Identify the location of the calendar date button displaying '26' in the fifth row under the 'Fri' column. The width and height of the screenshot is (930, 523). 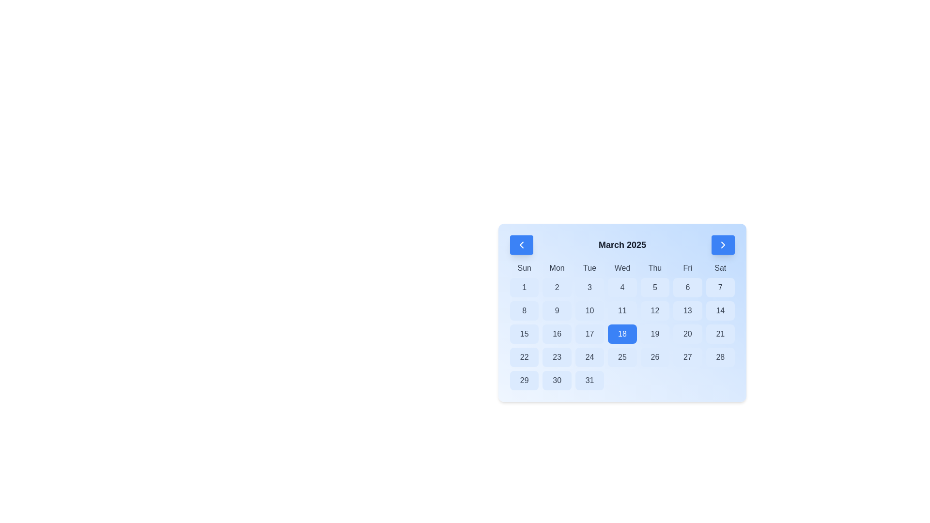
(655, 357).